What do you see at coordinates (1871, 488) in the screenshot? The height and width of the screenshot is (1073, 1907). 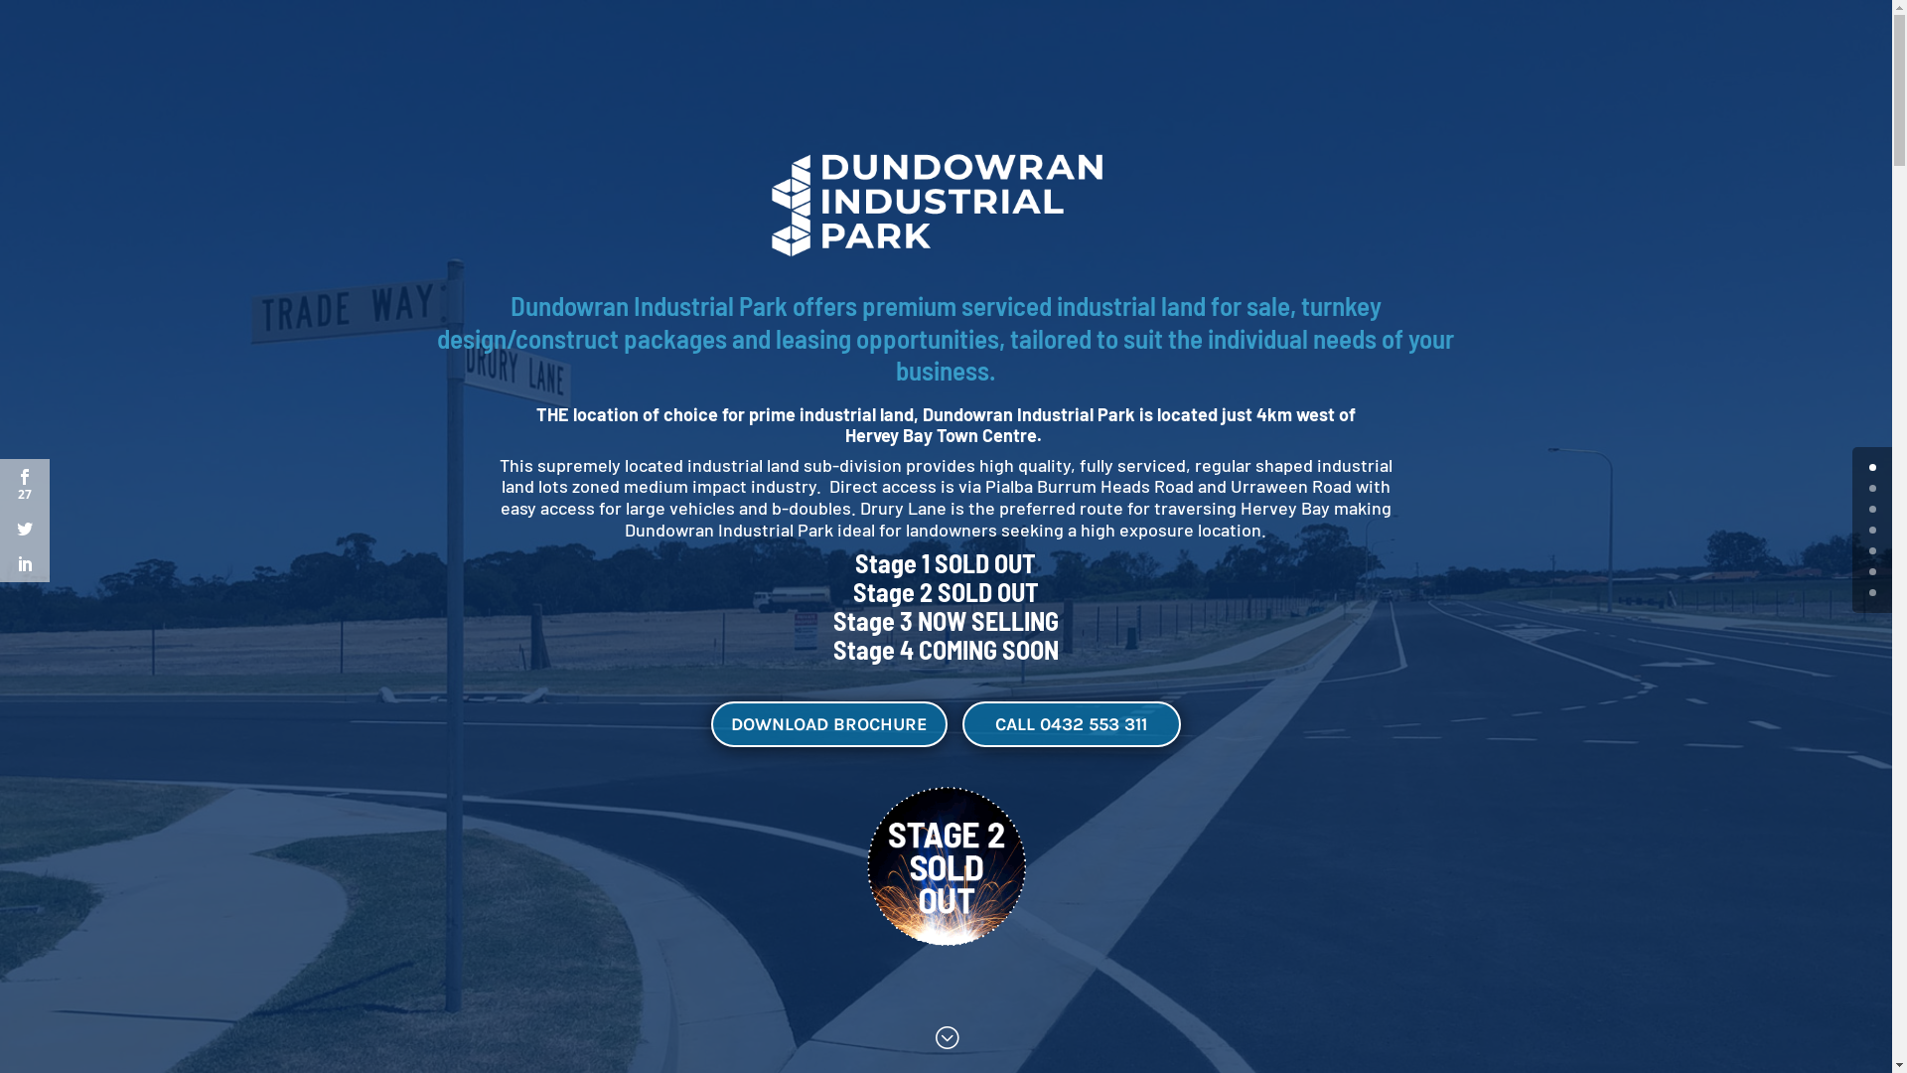 I see `'1'` at bounding box center [1871, 488].